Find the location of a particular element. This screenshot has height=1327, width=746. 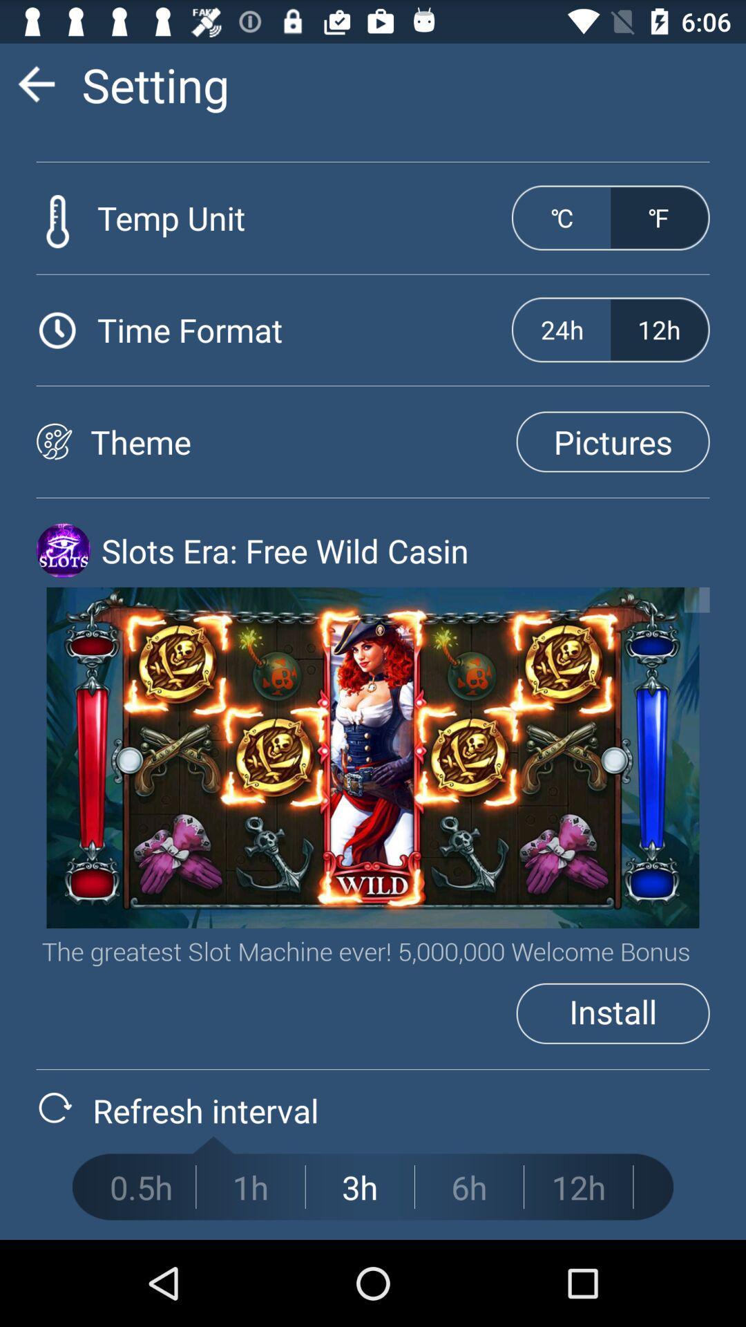

the arrow_backward icon is located at coordinates (35, 89).